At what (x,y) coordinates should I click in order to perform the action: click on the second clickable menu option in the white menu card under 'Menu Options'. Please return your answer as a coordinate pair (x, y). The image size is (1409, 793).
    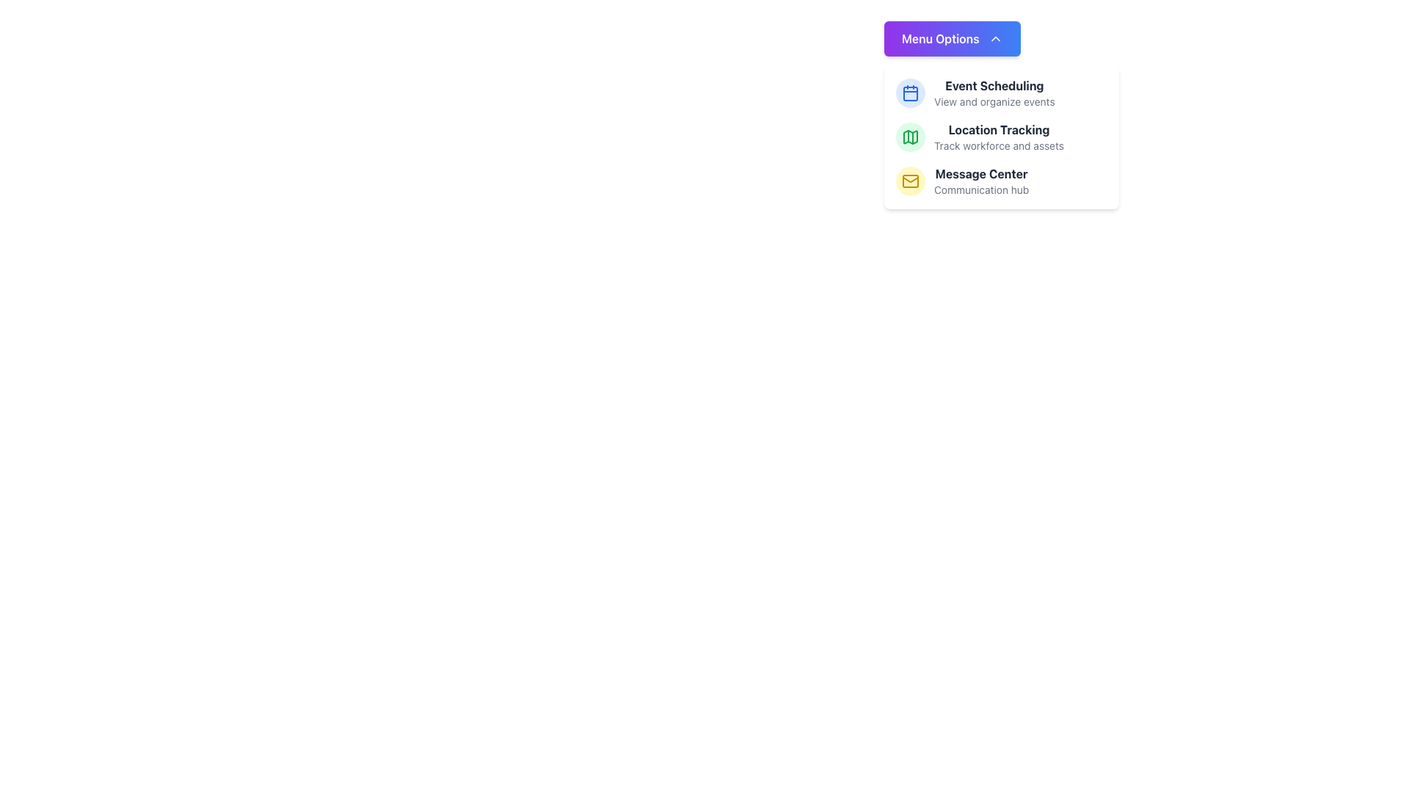
    Looking at the image, I should click on (1000, 137).